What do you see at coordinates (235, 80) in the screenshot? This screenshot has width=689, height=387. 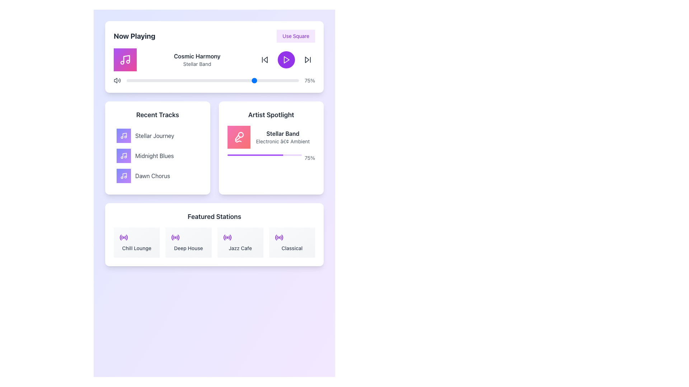 I see `the slider` at bounding box center [235, 80].